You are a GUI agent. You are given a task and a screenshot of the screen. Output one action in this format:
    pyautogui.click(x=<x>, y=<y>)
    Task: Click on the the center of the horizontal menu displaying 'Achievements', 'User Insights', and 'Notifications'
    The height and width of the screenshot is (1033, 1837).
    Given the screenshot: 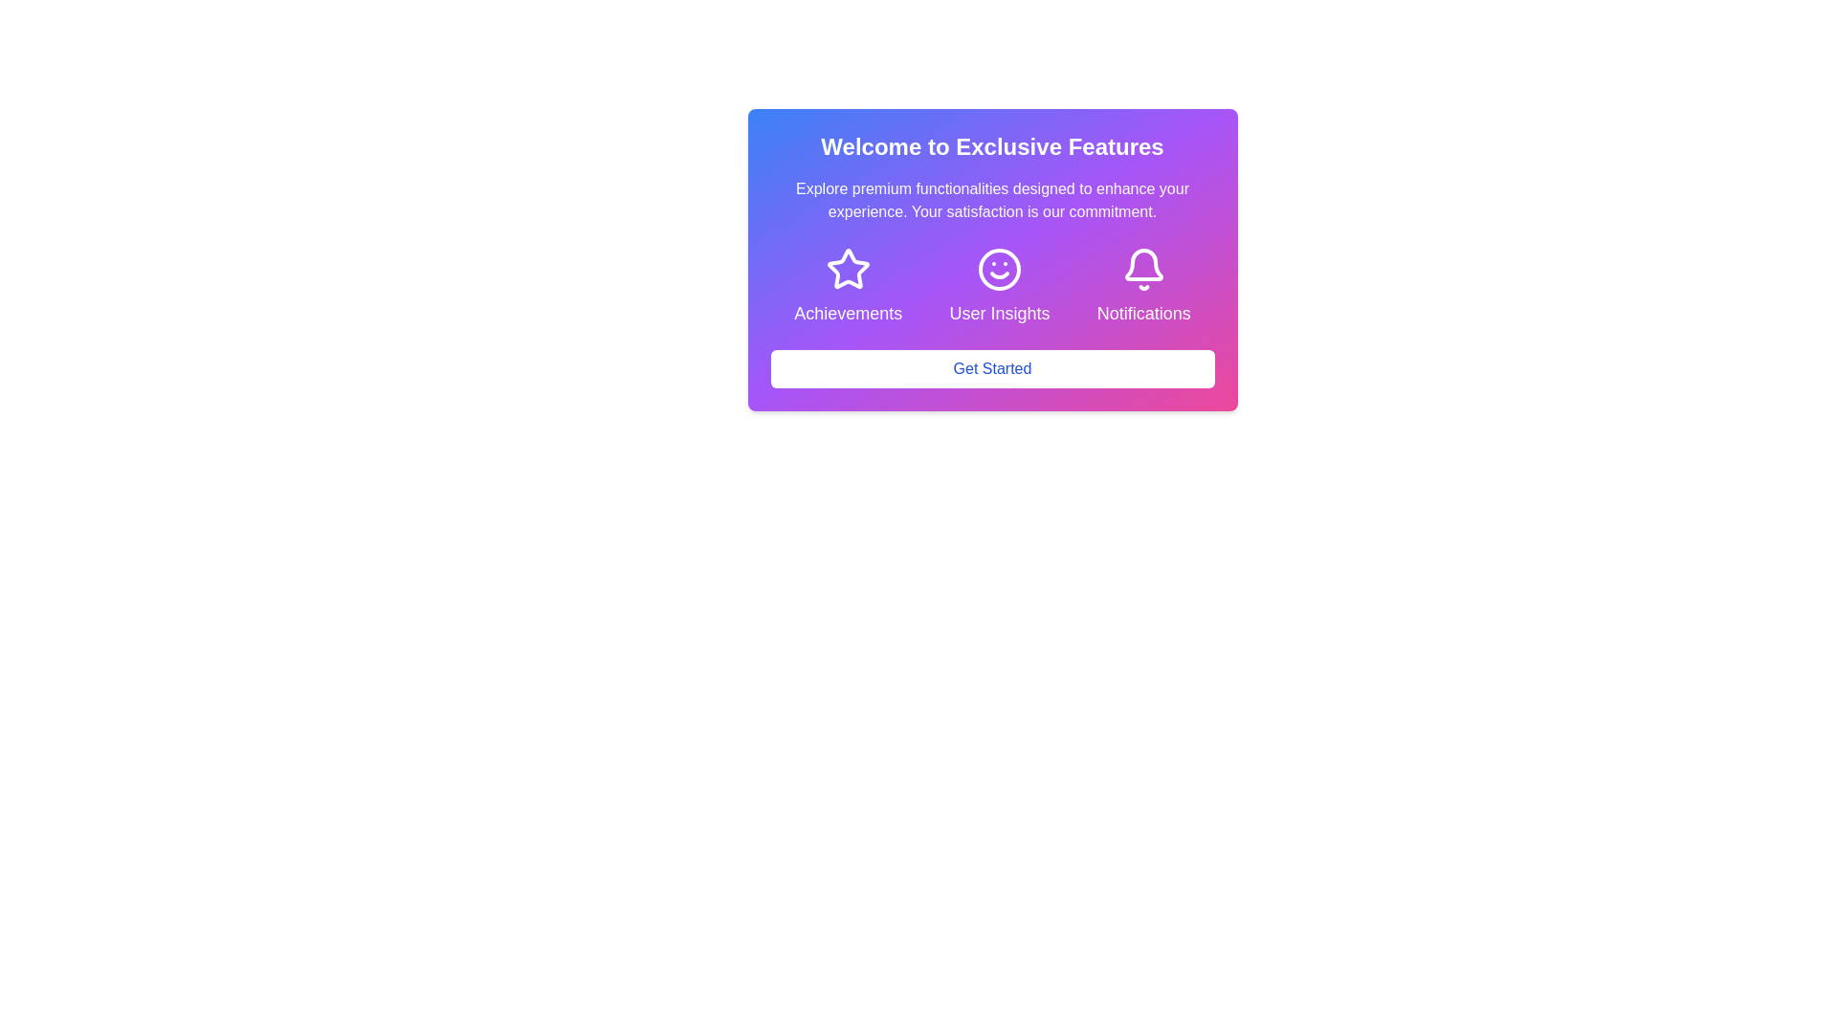 What is the action you would take?
    pyautogui.click(x=992, y=287)
    